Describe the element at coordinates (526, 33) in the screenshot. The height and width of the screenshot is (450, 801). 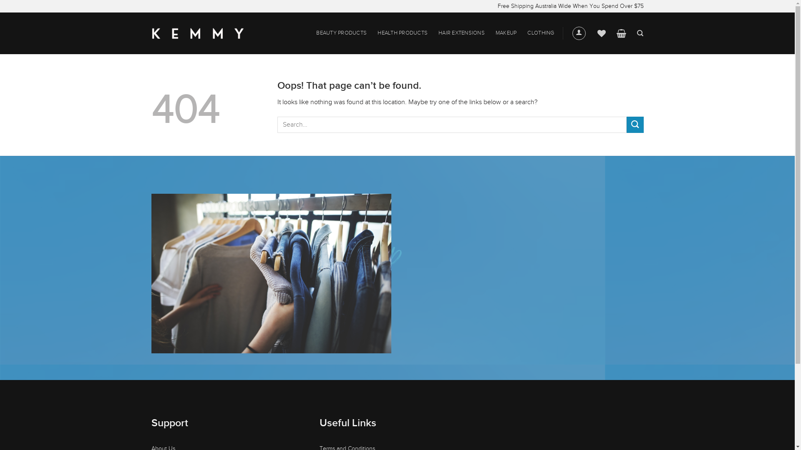
I see `'CLOTHING'` at that location.